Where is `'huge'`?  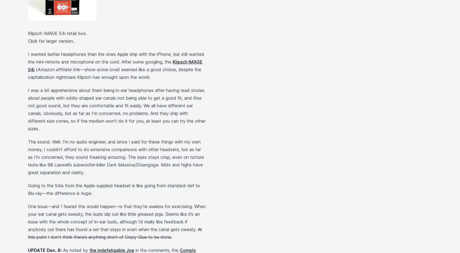 'huge' is located at coordinates (86, 193).